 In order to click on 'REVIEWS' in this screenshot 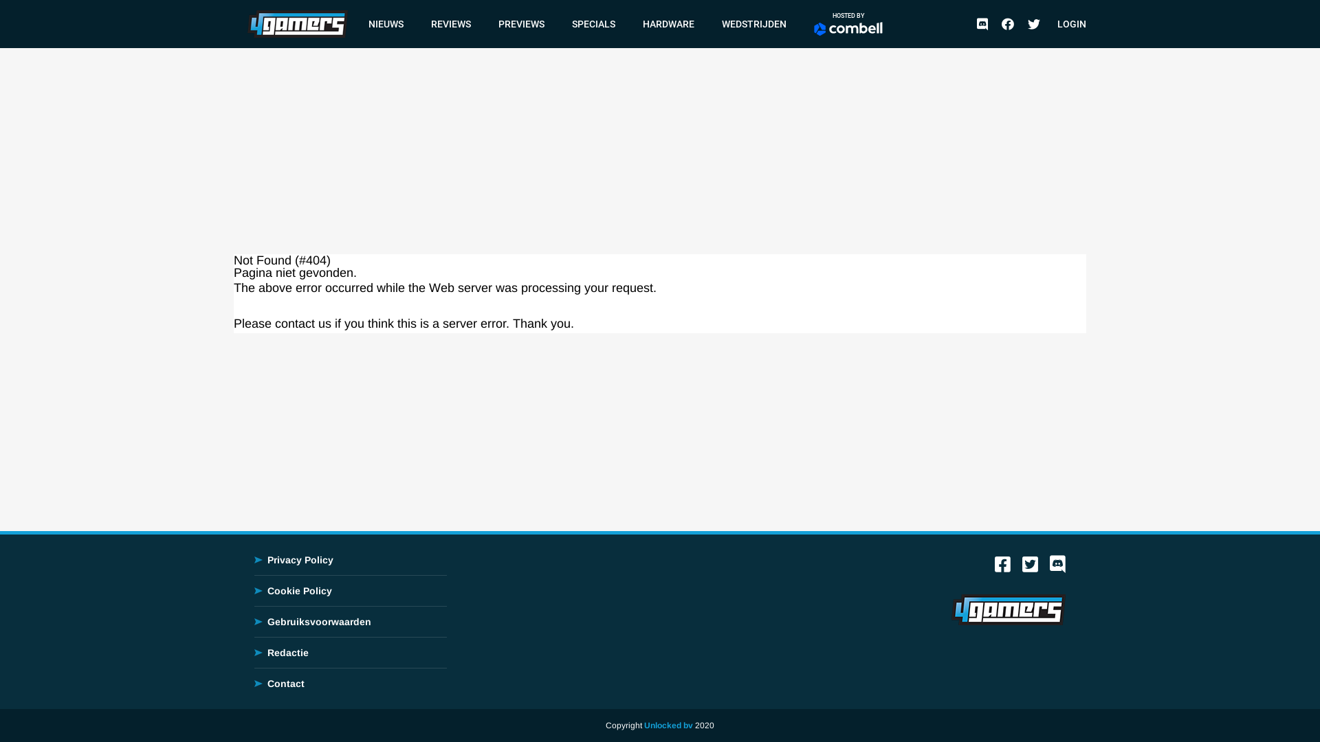, I will do `click(451, 23)`.